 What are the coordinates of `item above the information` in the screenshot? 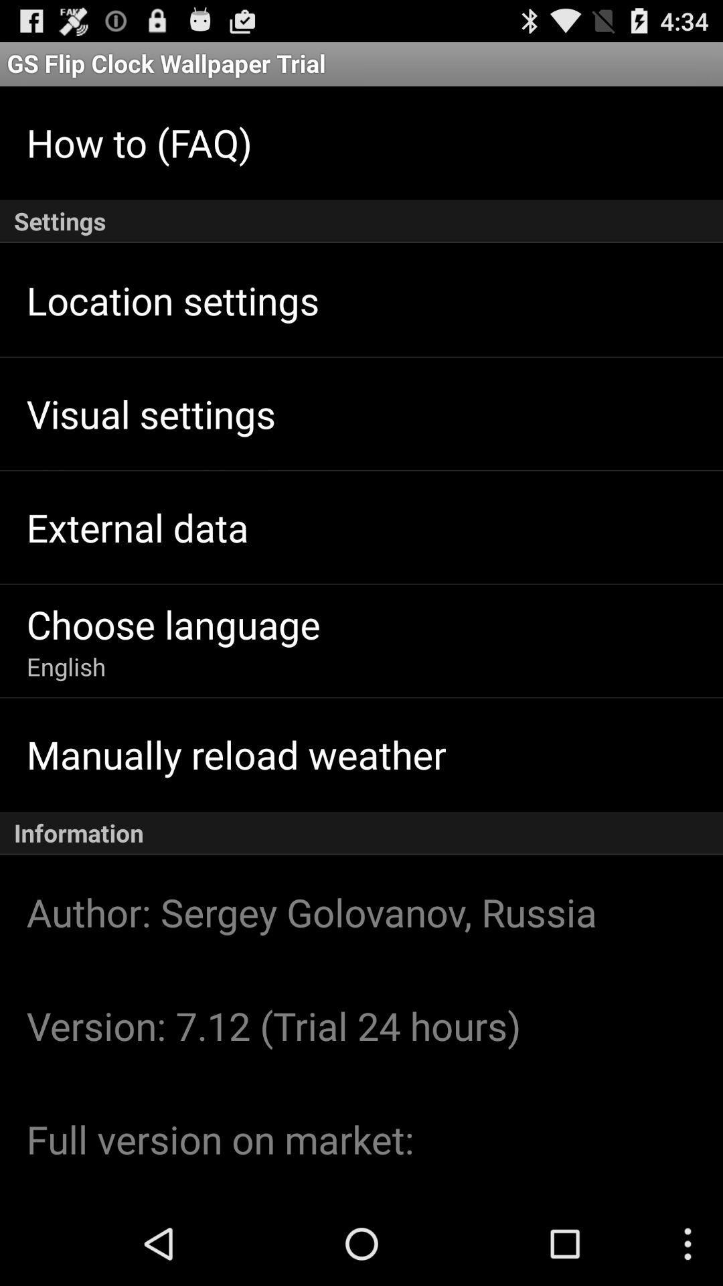 It's located at (236, 754).